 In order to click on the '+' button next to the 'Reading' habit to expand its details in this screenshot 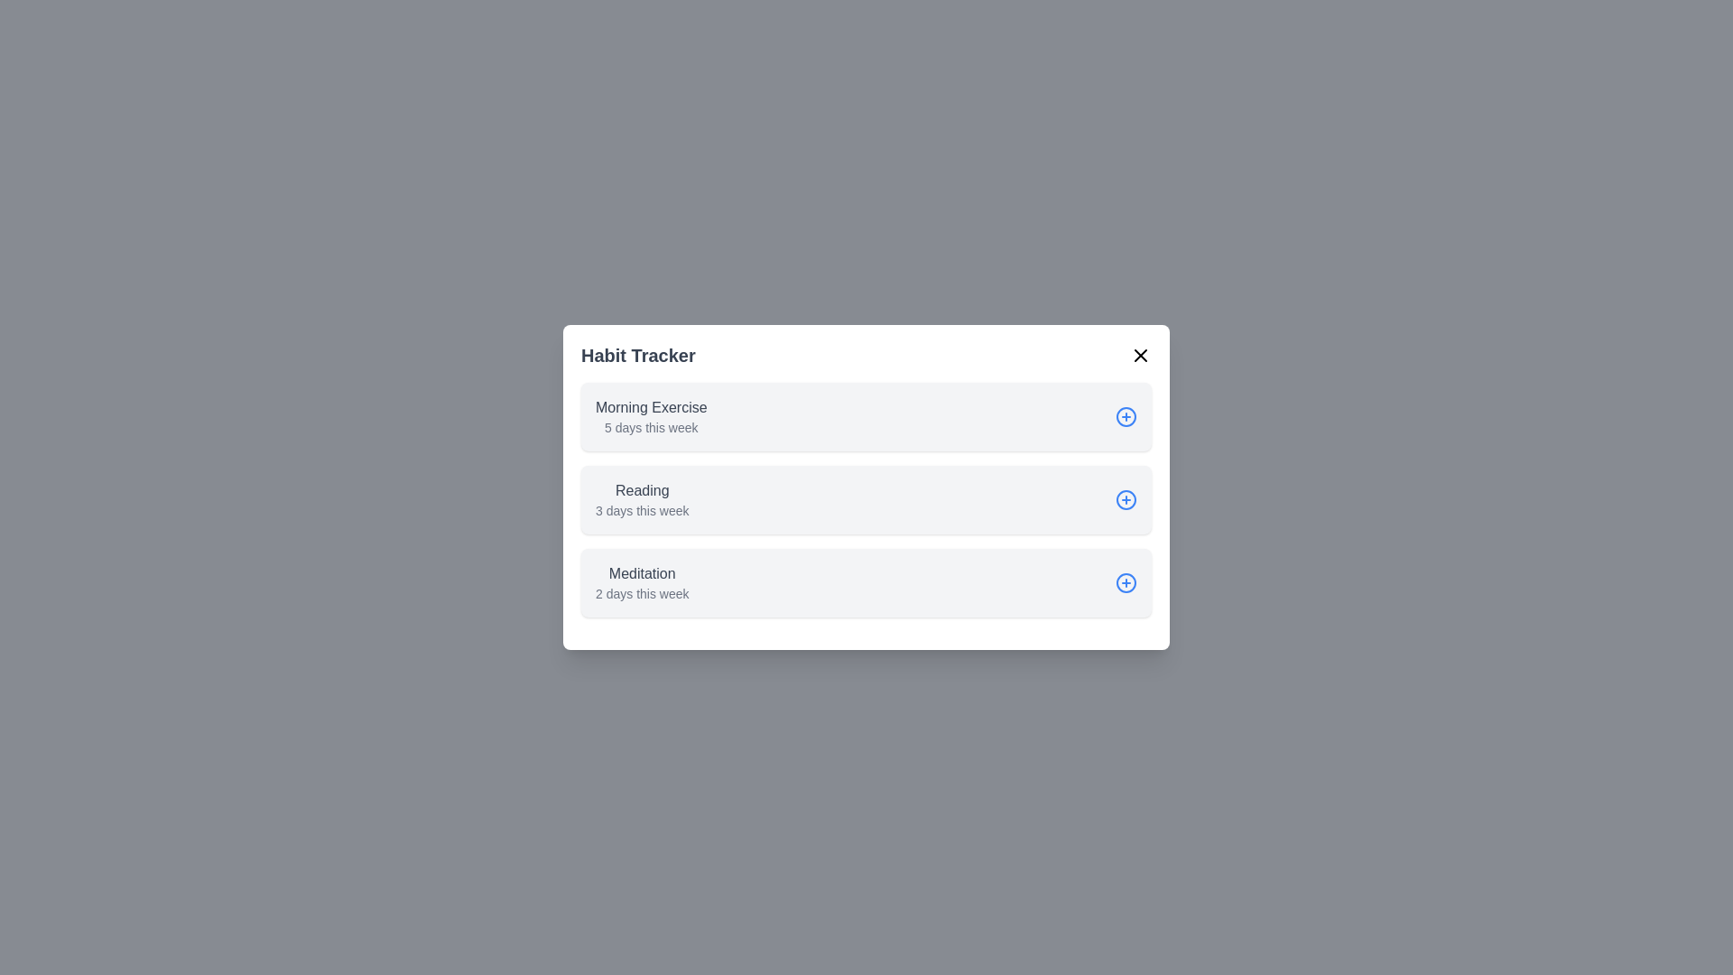, I will do `click(1126, 500)`.